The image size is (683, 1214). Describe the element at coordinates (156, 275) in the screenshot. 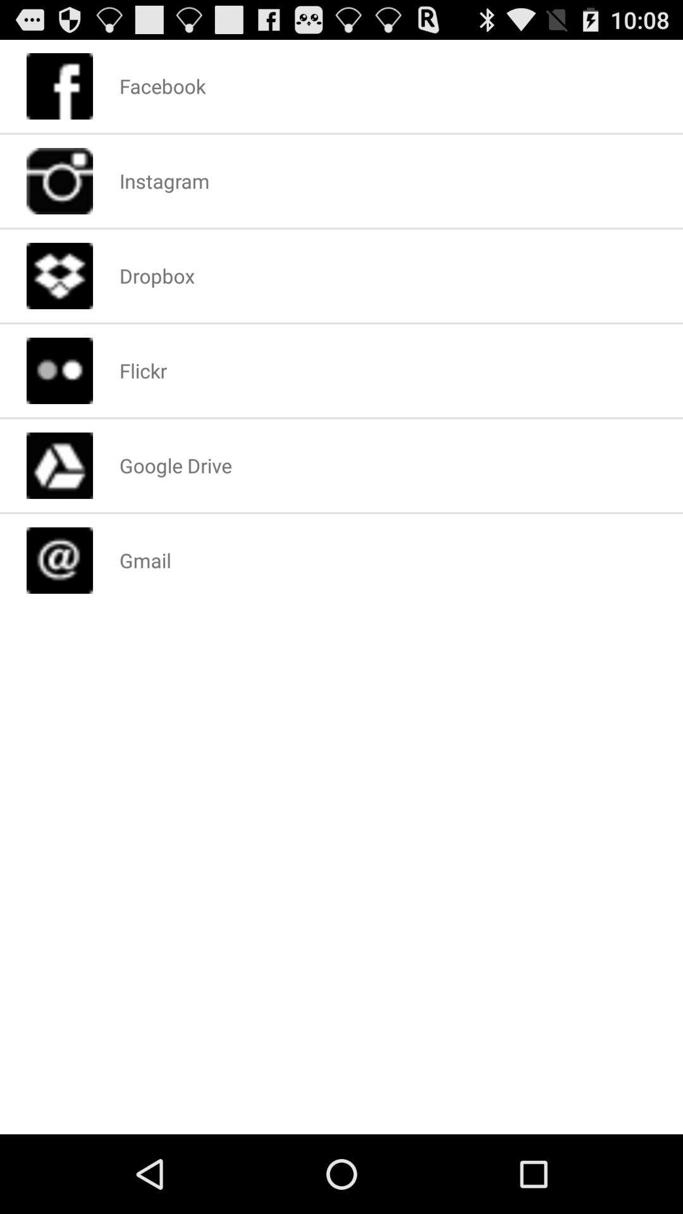

I see `icon above flickr icon` at that location.